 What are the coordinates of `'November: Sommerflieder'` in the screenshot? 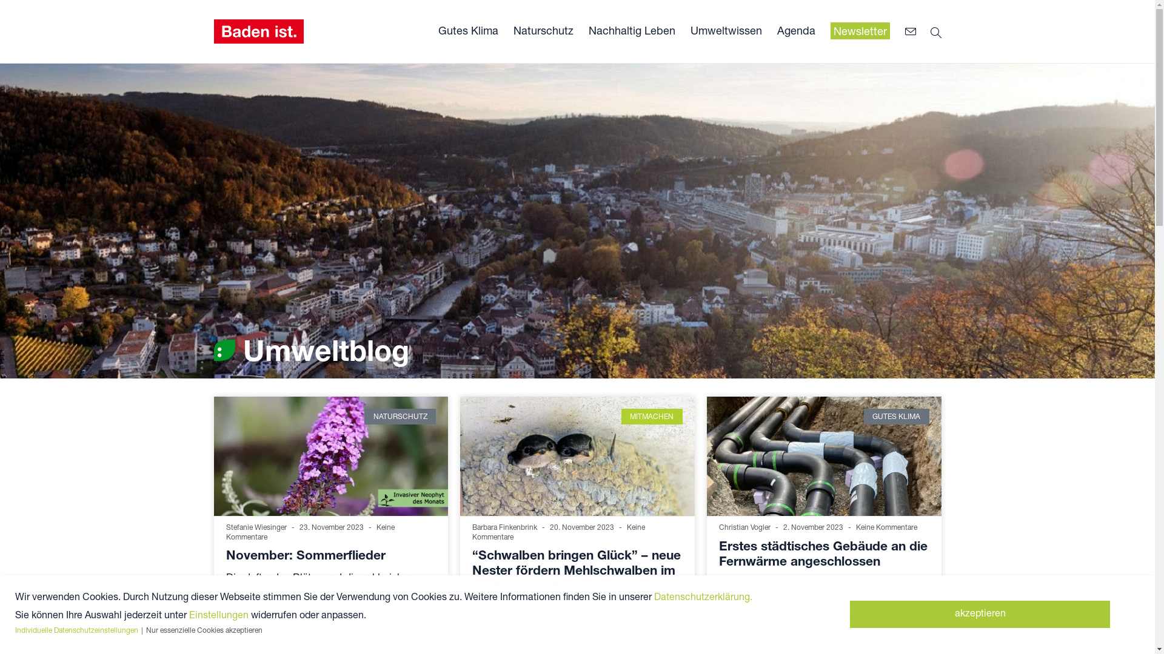 It's located at (305, 555).